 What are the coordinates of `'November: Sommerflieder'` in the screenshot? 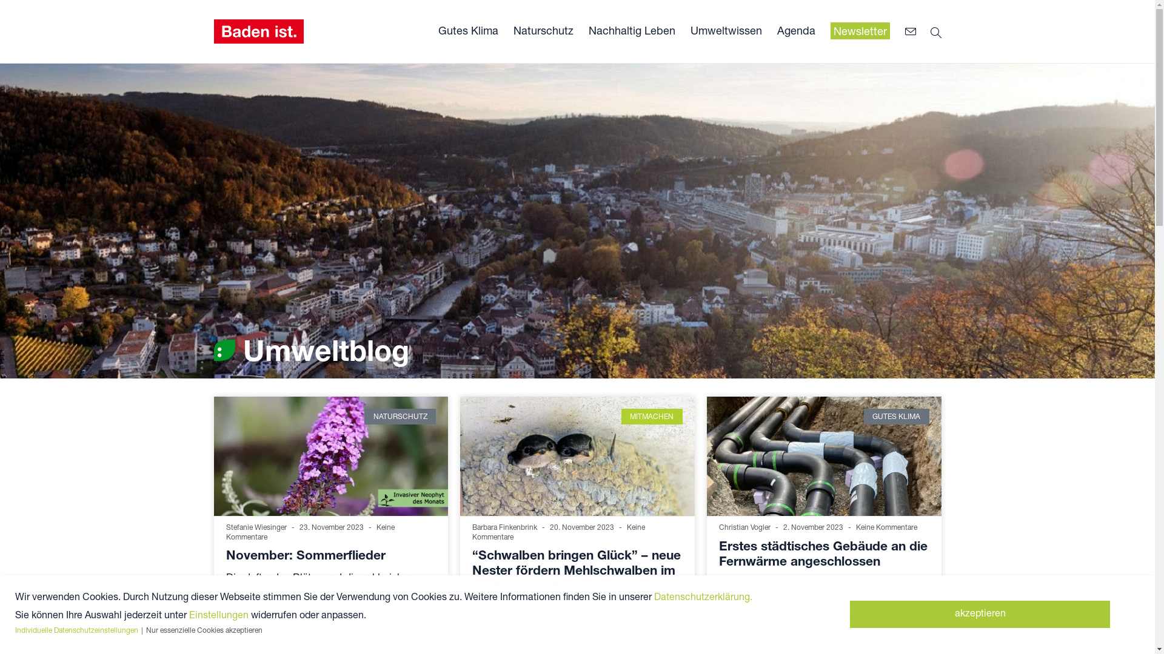 It's located at (305, 555).